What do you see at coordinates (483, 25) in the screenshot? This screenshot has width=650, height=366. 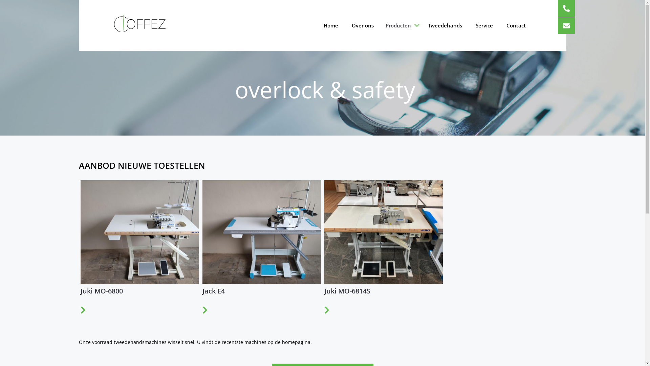 I see `'Service'` at bounding box center [483, 25].